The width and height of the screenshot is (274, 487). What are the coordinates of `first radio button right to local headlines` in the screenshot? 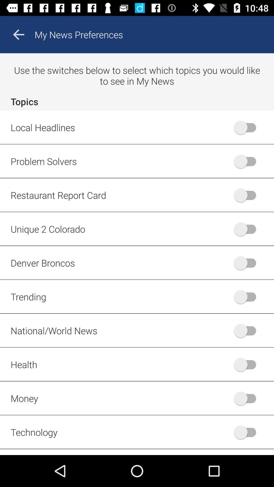 It's located at (247, 127).